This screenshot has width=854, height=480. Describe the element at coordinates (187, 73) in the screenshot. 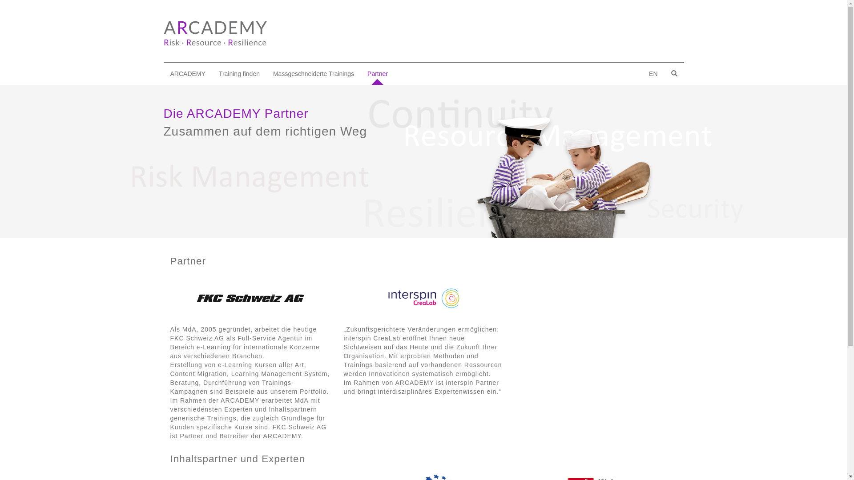

I see `'ARCADEMY'` at that location.